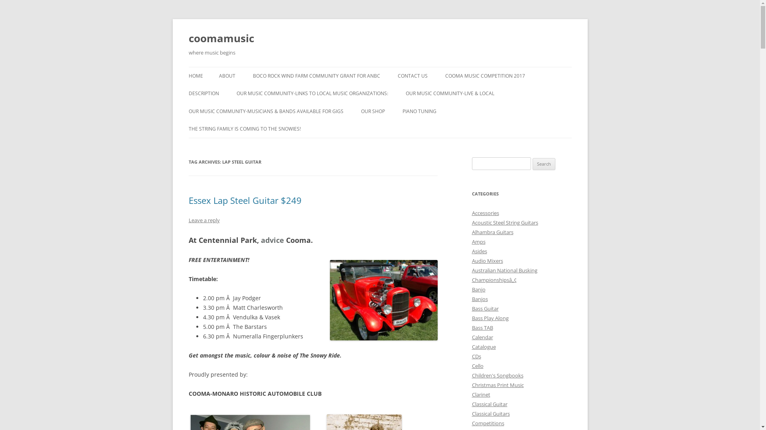 The image size is (766, 430). What do you see at coordinates (445, 76) in the screenshot?
I see `'COOMA MUSIC COMPETITION 2017'` at bounding box center [445, 76].